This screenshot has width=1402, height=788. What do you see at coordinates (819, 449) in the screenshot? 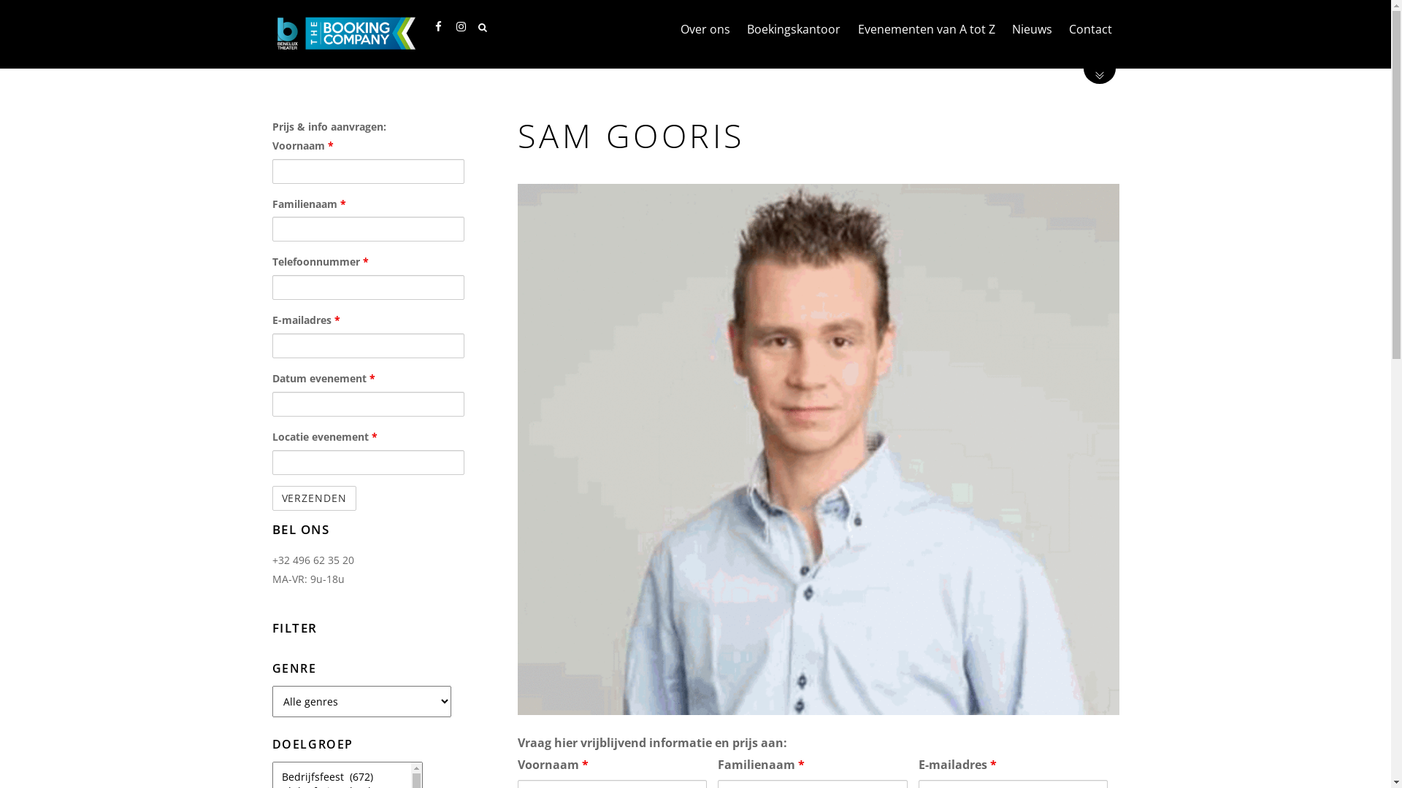
I see `'sam'` at bounding box center [819, 449].